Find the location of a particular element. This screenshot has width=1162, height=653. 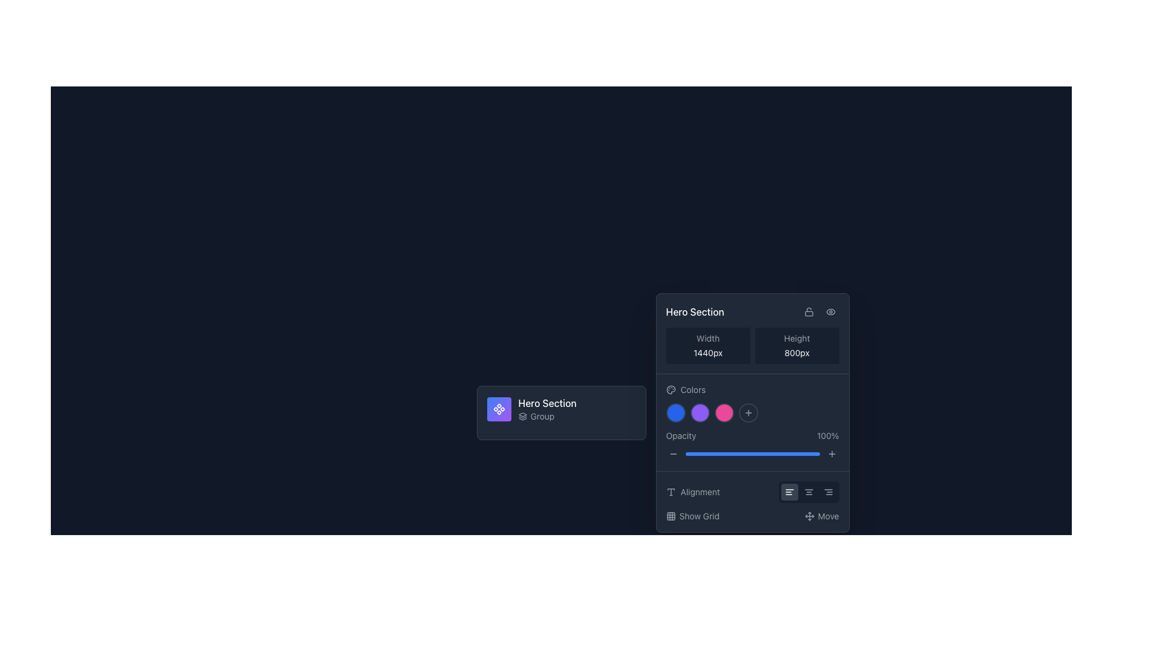

the layering/grouping icon located to the left of the 'Group' label in the lower-left portion of the 'Hero Section' box is located at coordinates (522, 416).